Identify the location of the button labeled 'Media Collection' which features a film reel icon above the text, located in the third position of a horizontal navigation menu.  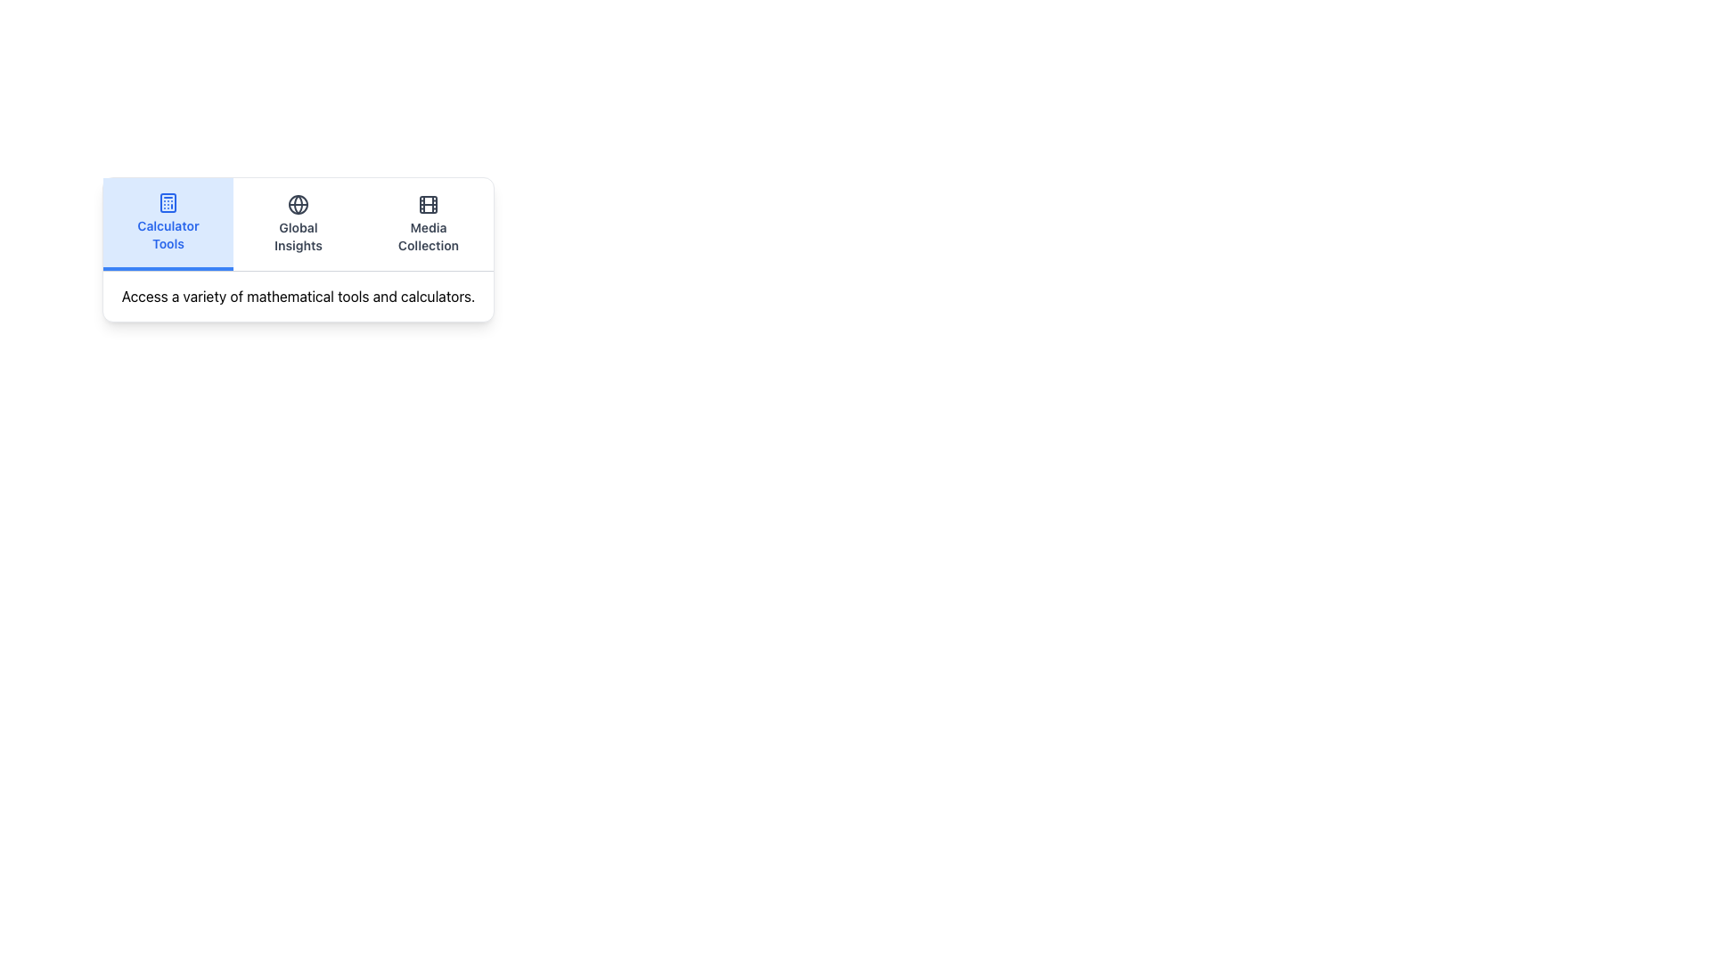
(428, 223).